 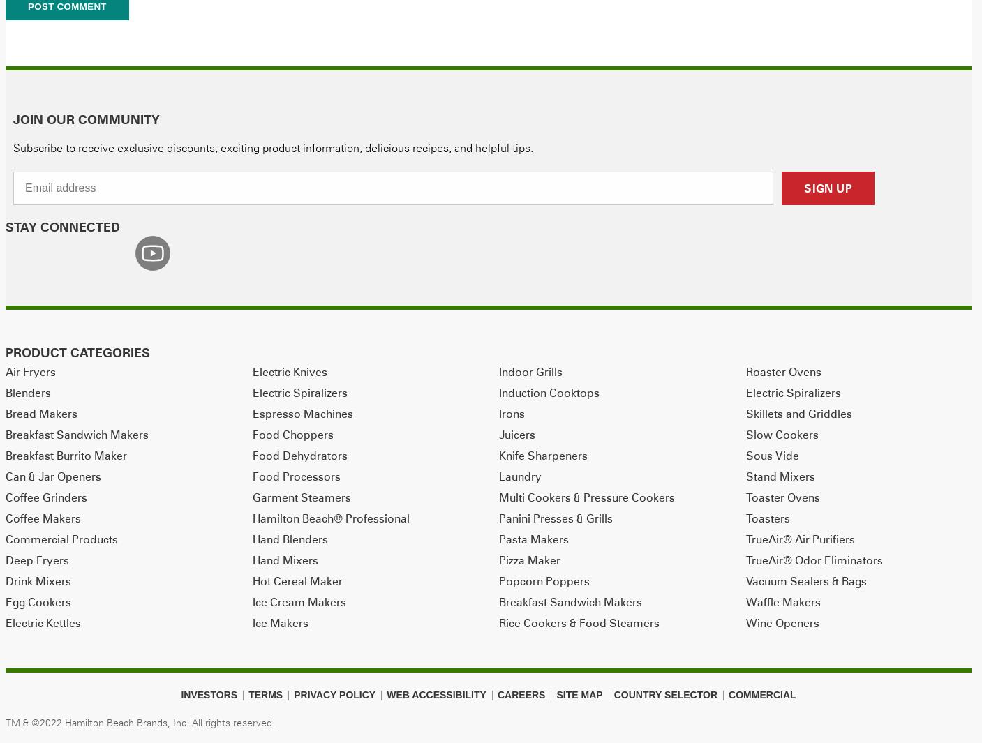 I want to click on 'Skillets and Griddles', so click(x=798, y=412).